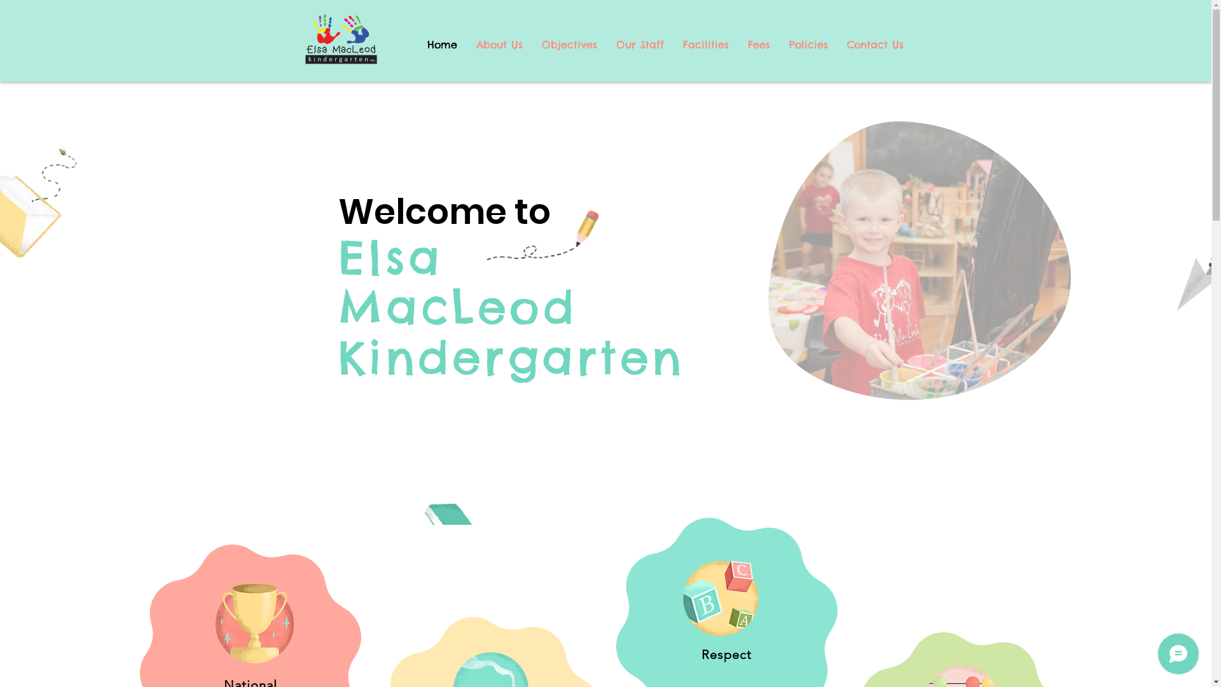 The height and width of the screenshot is (687, 1221). I want to click on 'Policies', so click(808, 44).